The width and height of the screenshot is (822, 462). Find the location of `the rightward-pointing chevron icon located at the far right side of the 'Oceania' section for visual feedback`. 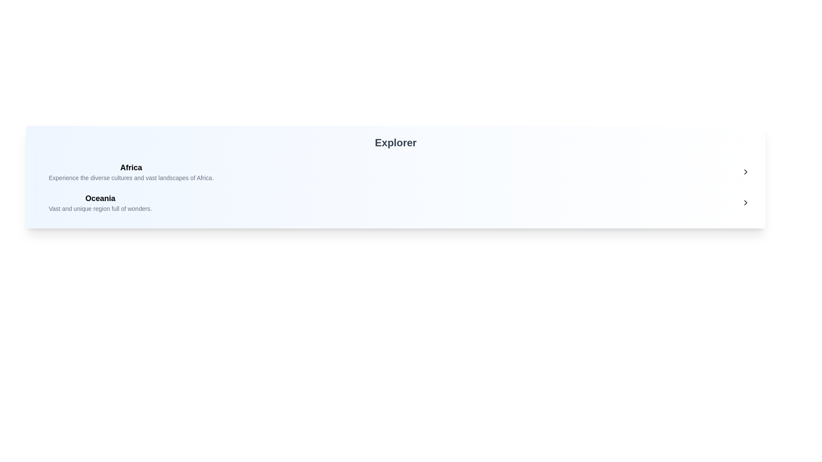

the rightward-pointing chevron icon located at the far right side of the 'Oceania' section for visual feedback is located at coordinates (745, 203).